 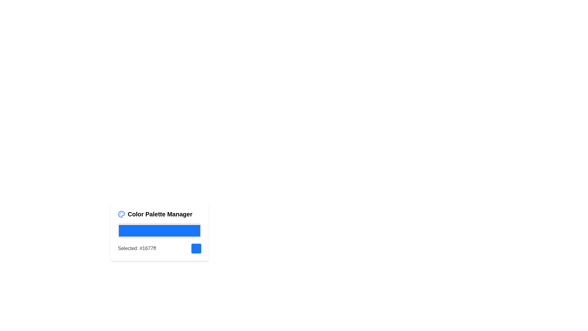 I want to click on the text label that displays the currently selected color and its hexadecimal code, located below the blue color display bar and to the left of the blue color indicator, so click(x=137, y=248).